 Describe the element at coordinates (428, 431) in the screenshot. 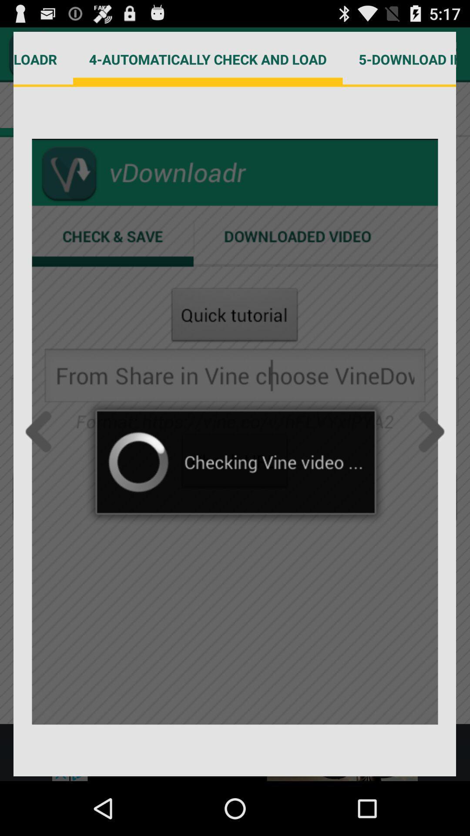

I see `next page` at that location.